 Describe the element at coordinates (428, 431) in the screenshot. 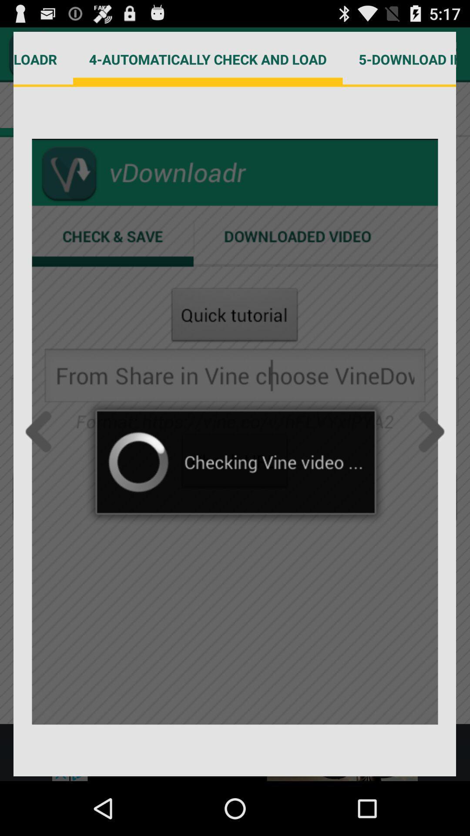

I see `next page` at that location.